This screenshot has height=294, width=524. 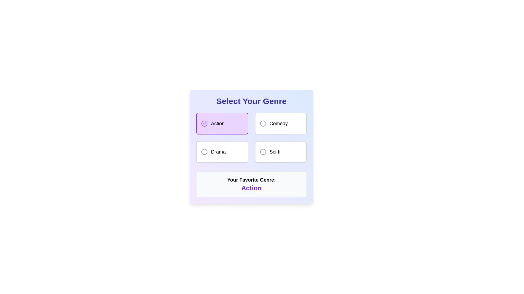 I want to click on the 'Sci-fi' genre selection button using keyboard controls, which is located in the second row of the button grid, to the right of the 'Drama' button and below the 'Comedy' button, so click(x=281, y=152).